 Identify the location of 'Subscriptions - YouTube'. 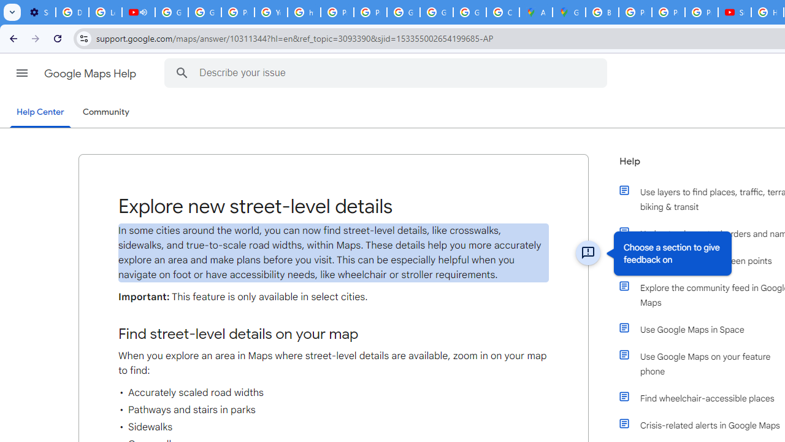
(735, 12).